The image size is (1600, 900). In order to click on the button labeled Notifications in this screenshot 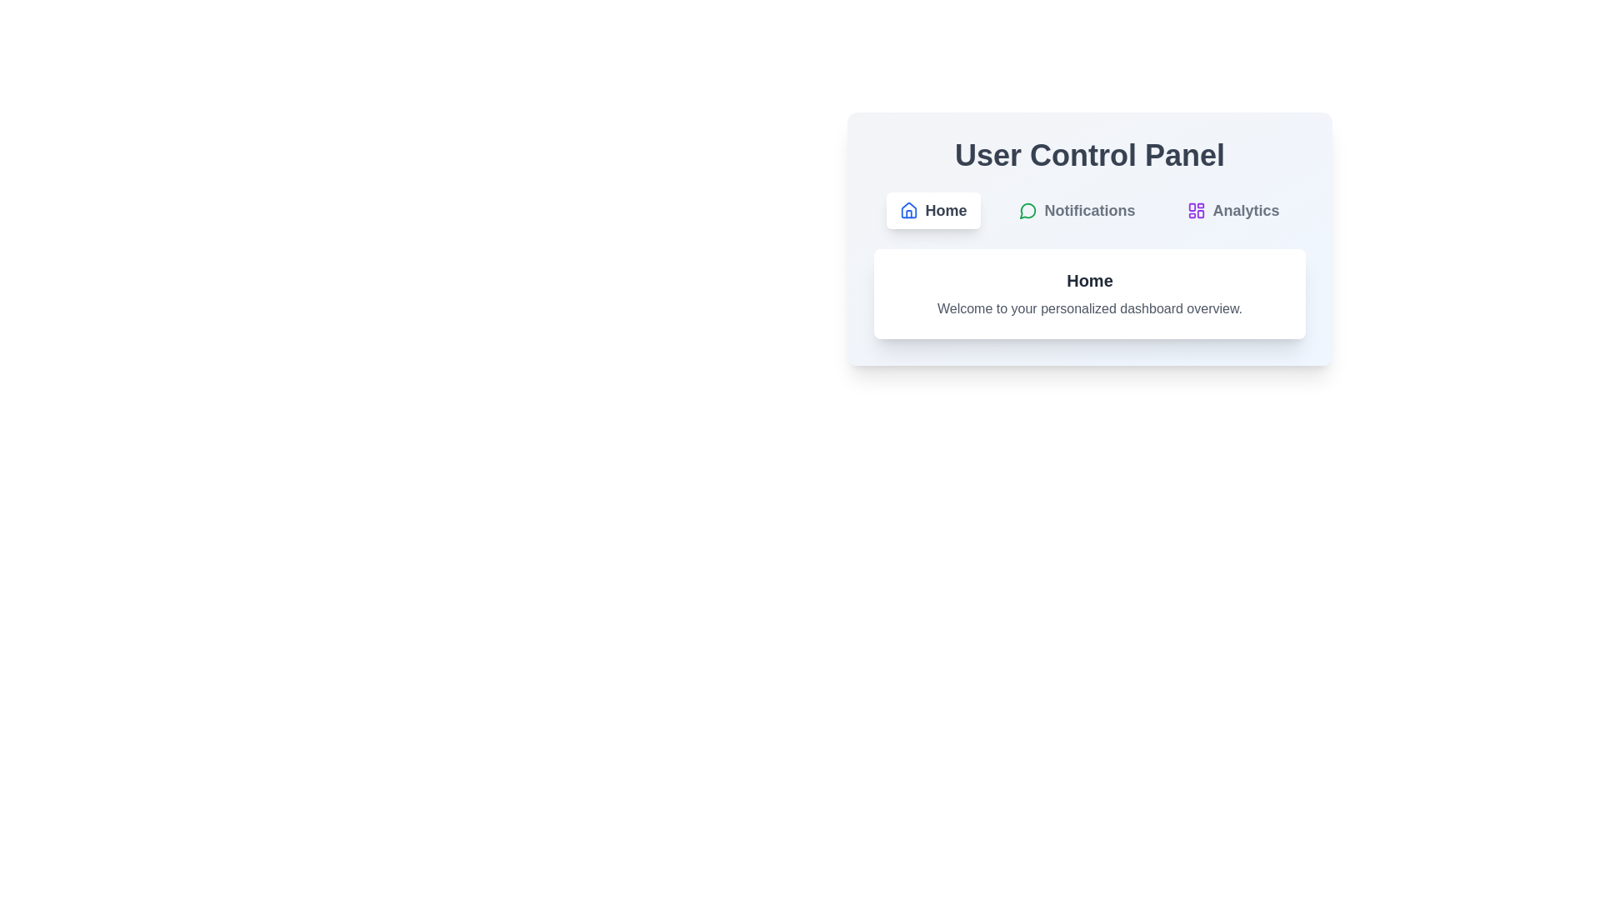, I will do `click(1076, 210)`.